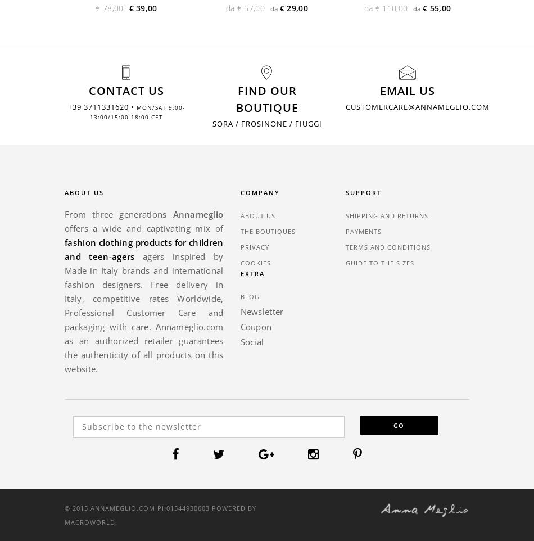 Image resolution: width=534 pixels, height=541 pixels. Describe the element at coordinates (143, 312) in the screenshot. I see `'agers inspired by Made in Italy brands and international fashion designers. Free delivery in Italy, competitive rates Worldwide, Professional Customer Care and packaging with care. Annameglio.com as an authorized retailer guarantees the authenticity of all products on this website.'` at that location.